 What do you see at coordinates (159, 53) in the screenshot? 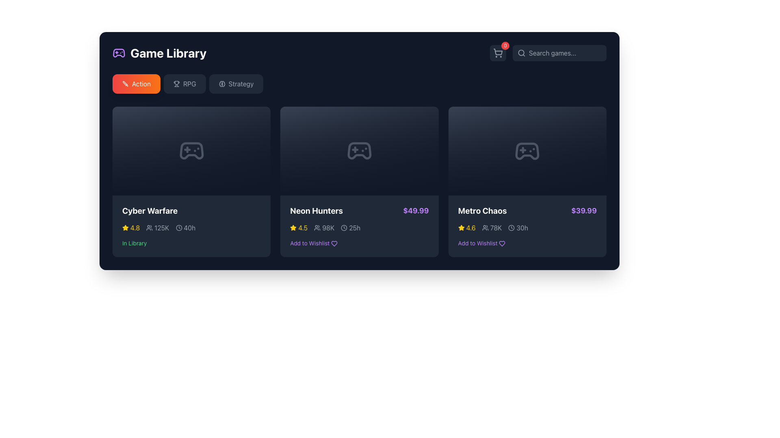
I see `text label 'Game Library' which is styled in large, bold white font and accompanied by a purple gamepad icon, located in the top-left corner of the interface` at bounding box center [159, 53].